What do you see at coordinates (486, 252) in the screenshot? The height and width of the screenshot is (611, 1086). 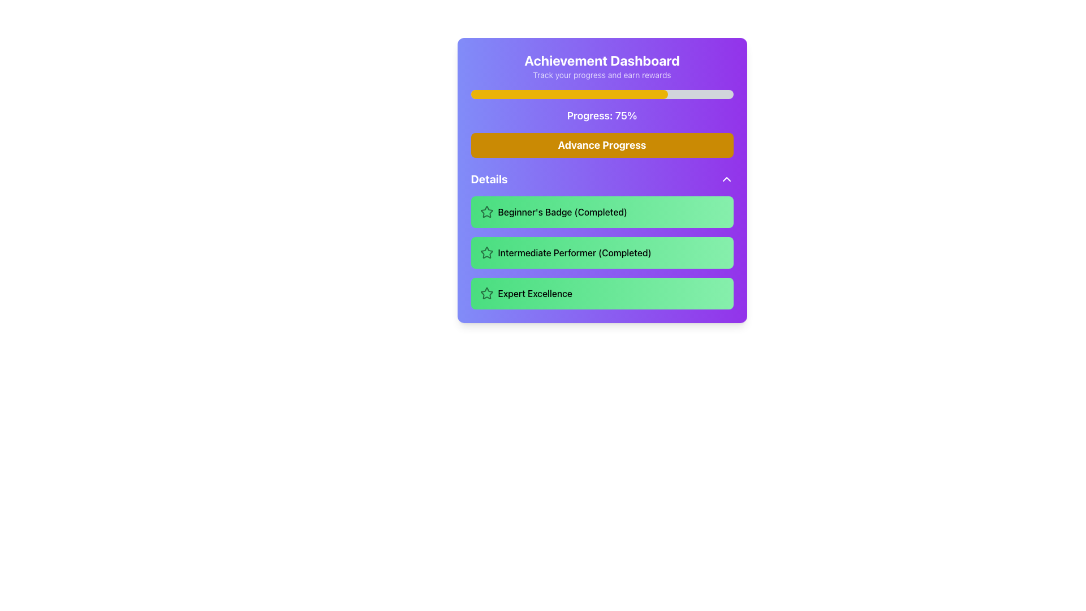 I see `the outlined five-pointed star icon located within the second green box of the Achievement Dashboard, which is labeled 'Intermediate Performer (Completed)'` at bounding box center [486, 252].